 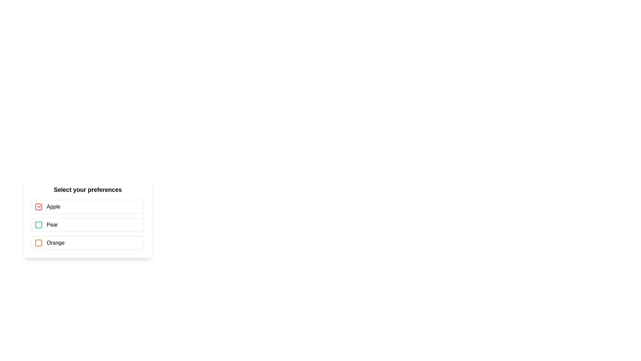 What do you see at coordinates (87, 225) in the screenshot?
I see `the checkbox labeled 'Pear' located between the 'Apple' and 'Orange' options in the preferences list` at bounding box center [87, 225].